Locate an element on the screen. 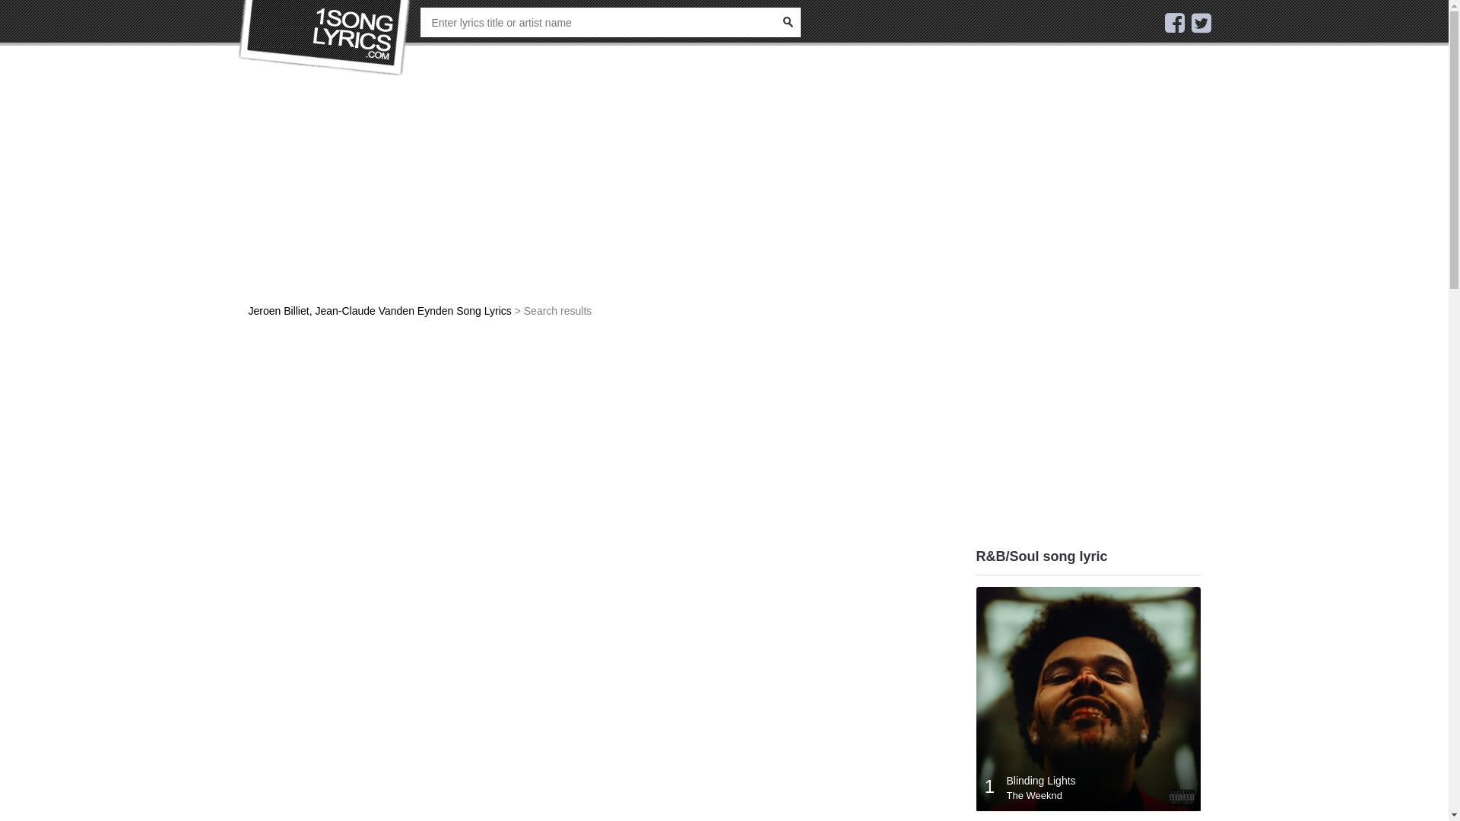  'Blinding Lights' is located at coordinates (1040, 780).